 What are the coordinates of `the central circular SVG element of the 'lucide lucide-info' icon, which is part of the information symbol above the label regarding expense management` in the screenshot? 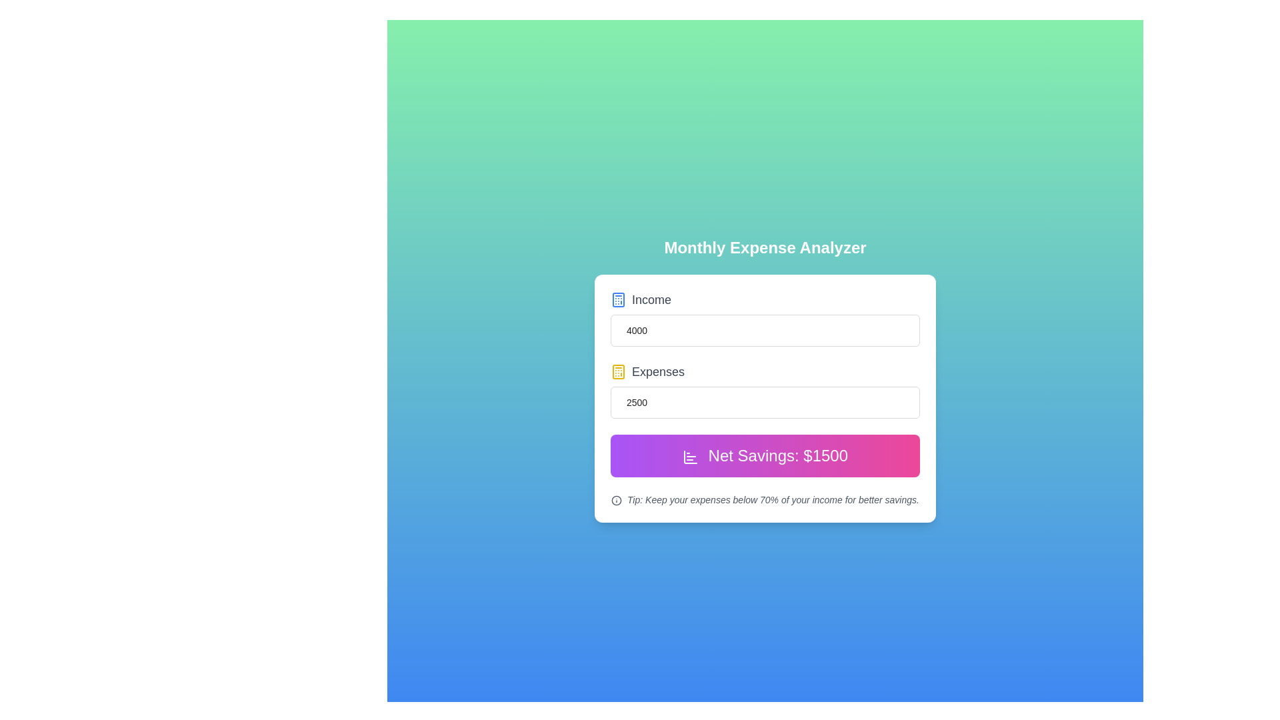 It's located at (616, 501).